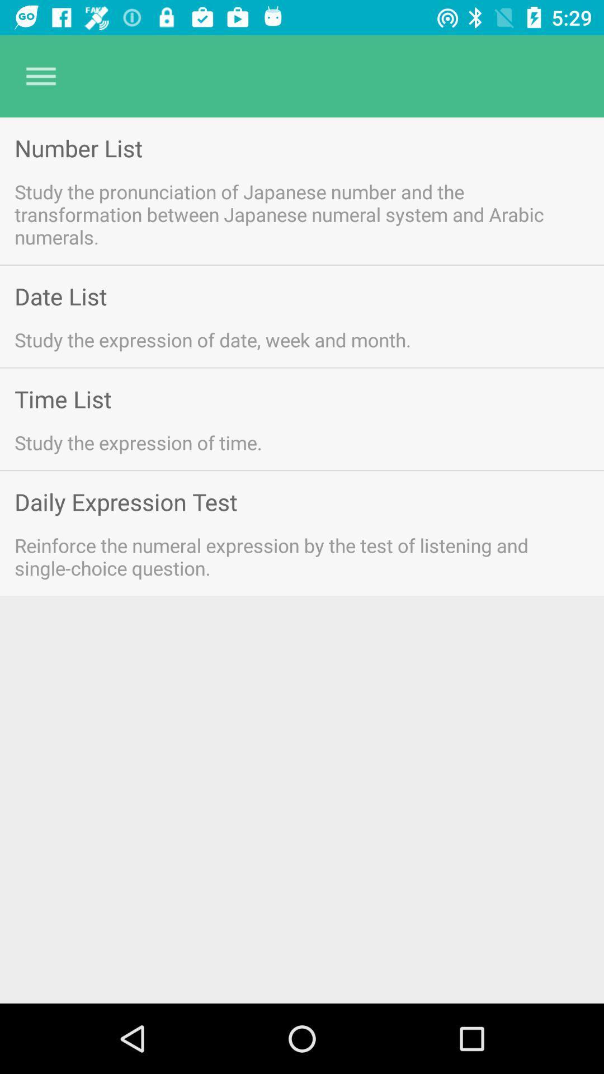 This screenshot has height=1074, width=604. I want to click on item above the study the expression, so click(60, 296).